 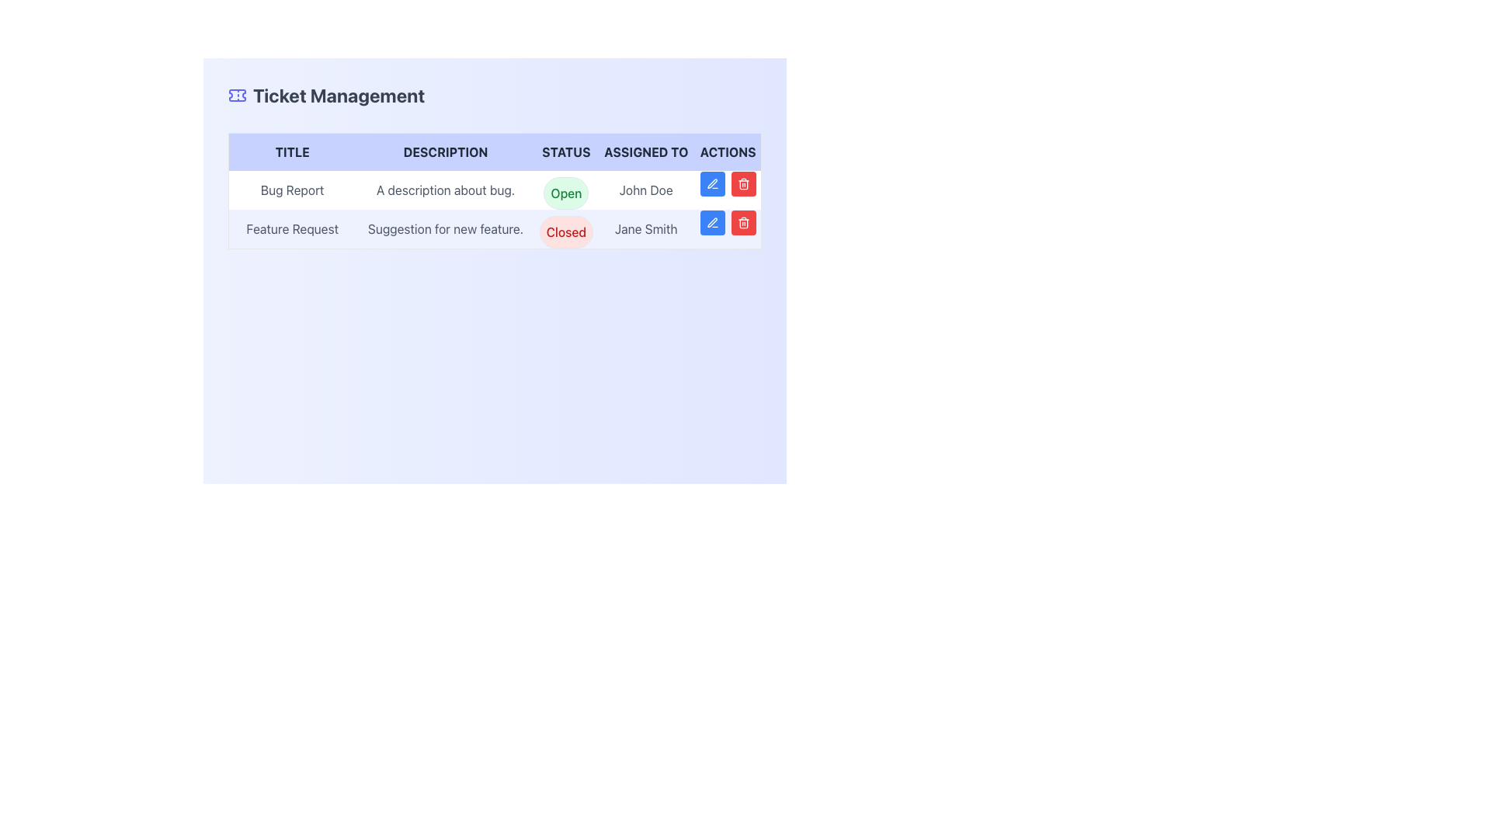 I want to click on the 'Actions' header label in the table, which is positioned to the right of the 'Assigned To' header, so click(x=727, y=151).